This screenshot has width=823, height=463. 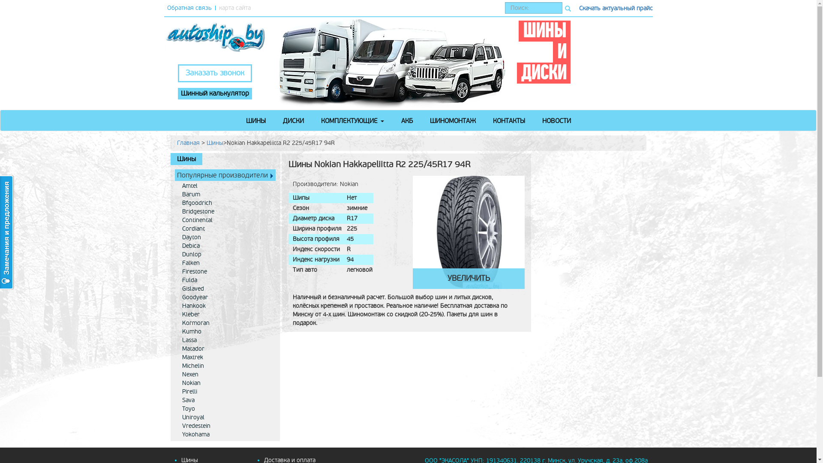 I want to click on 'Barum', so click(x=226, y=195).